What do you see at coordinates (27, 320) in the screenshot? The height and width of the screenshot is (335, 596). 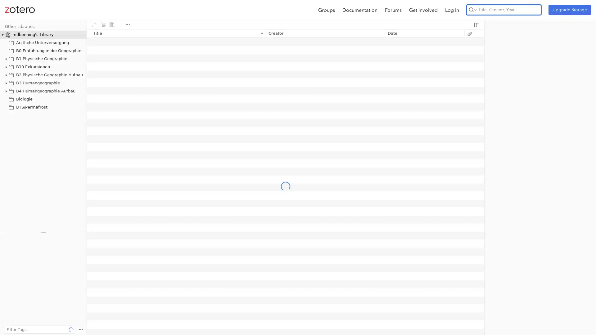 I see `Gesundheitsversorgung` at bounding box center [27, 320].